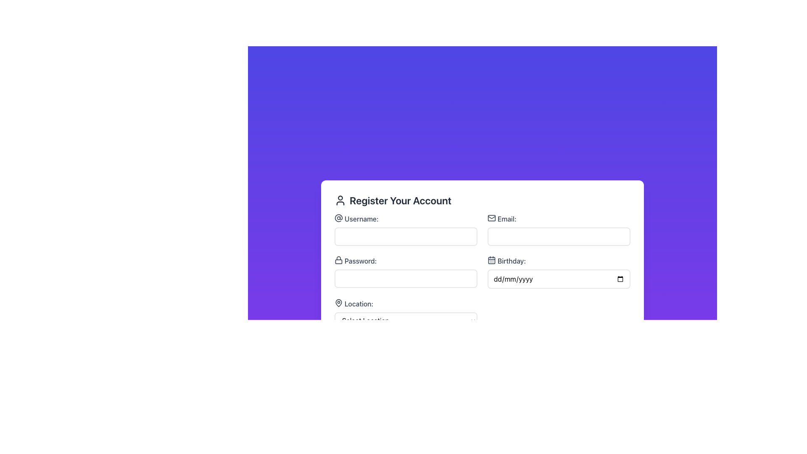 The width and height of the screenshot is (807, 454). I want to click on the email field icon located to the immediate left of the 'Email:' label, which serves as an intuitive reference for users, so click(492, 218).